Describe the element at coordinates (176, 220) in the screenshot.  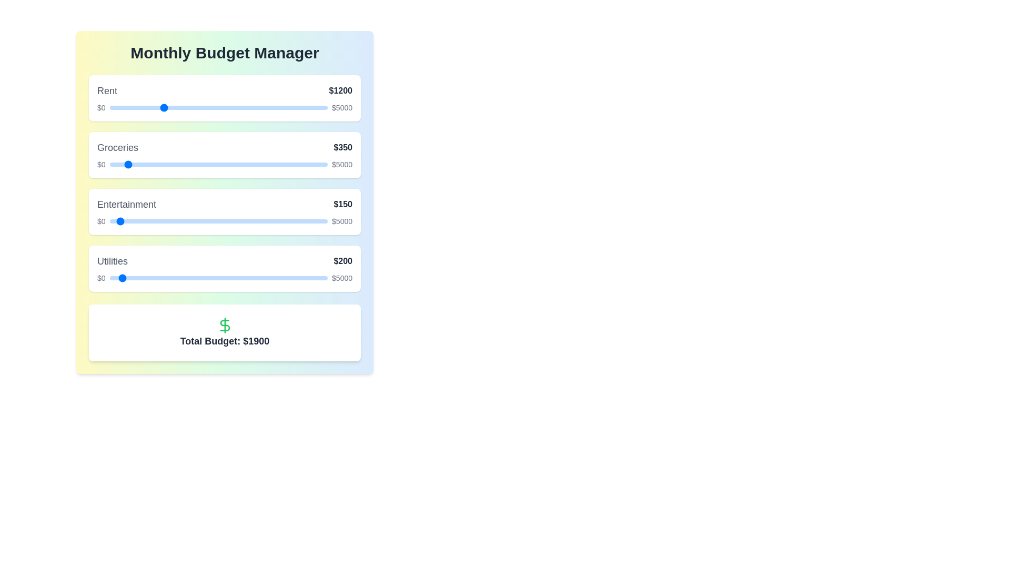
I see `the Entertainment budget` at that location.